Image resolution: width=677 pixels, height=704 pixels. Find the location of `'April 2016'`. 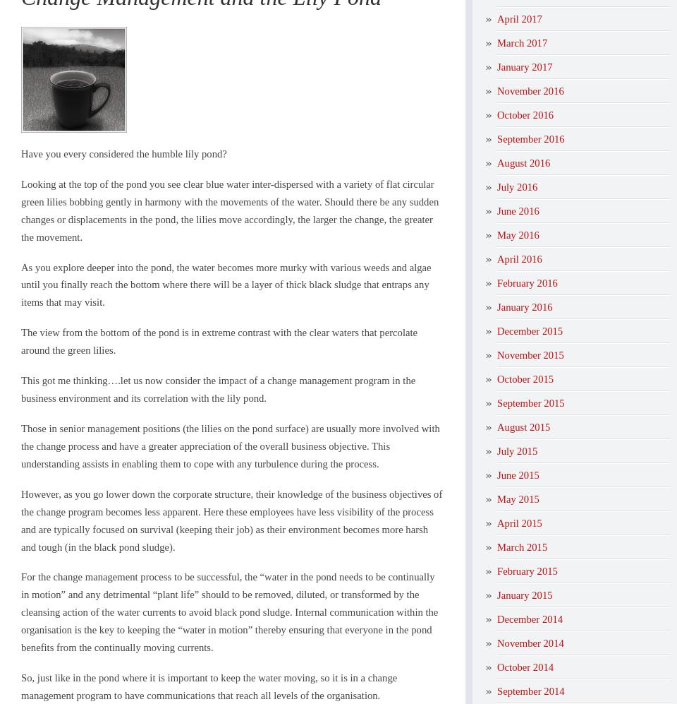

'April 2016' is located at coordinates (518, 258).